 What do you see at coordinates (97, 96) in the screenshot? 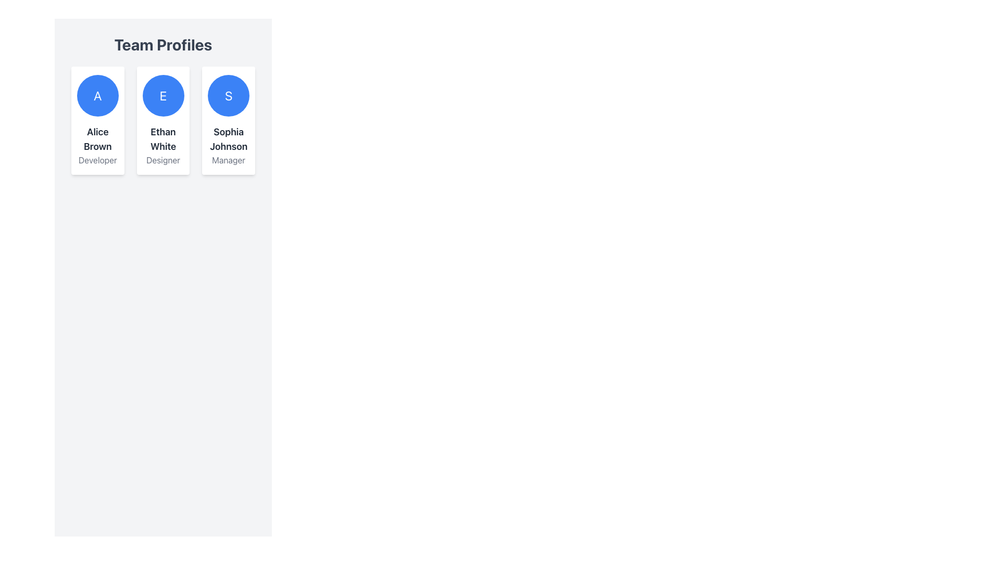
I see `the avatar representing 'Alice Brown' at the center of the profile card` at bounding box center [97, 96].